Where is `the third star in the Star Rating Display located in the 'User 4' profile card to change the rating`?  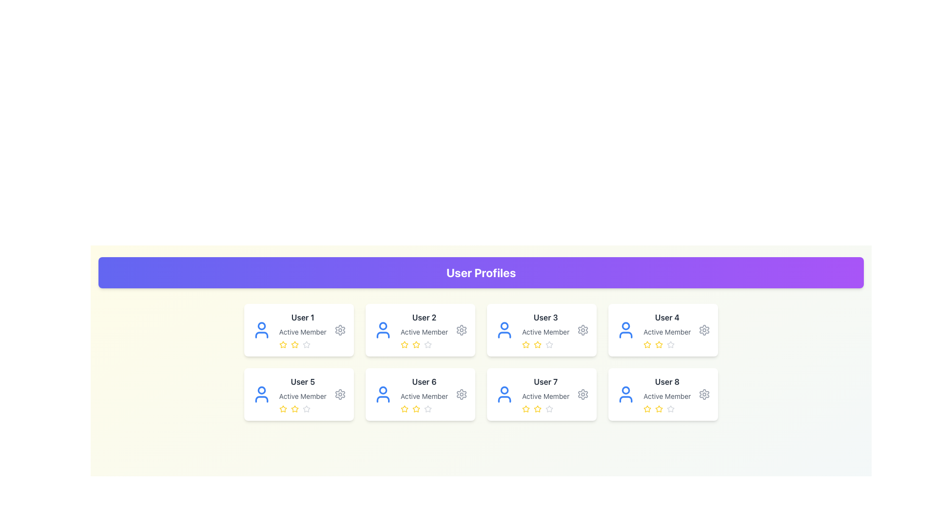
the third star in the Star Rating Display located in the 'User 4' profile card to change the rating is located at coordinates (666, 344).